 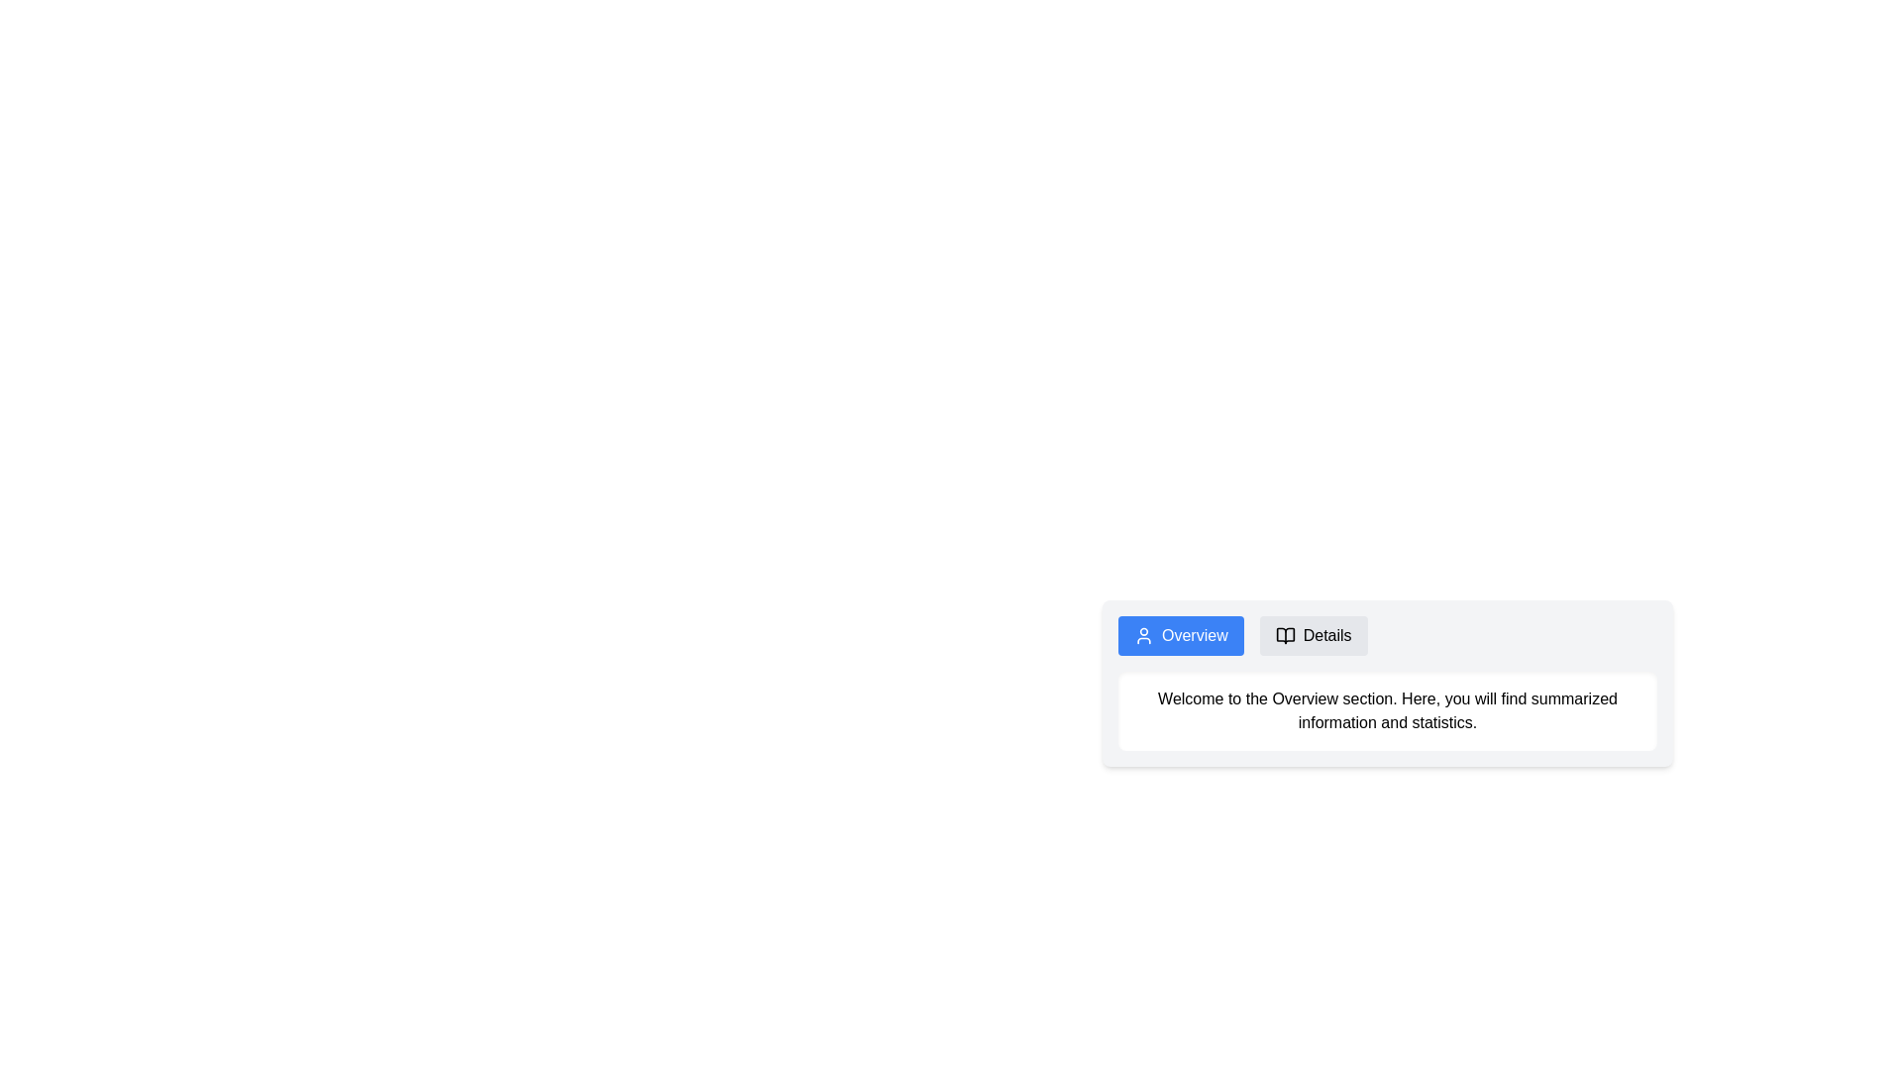 I want to click on the open book icon located on the second tab of the tabbed interface, positioned to the left of the text 'Details', so click(x=1285, y=635).